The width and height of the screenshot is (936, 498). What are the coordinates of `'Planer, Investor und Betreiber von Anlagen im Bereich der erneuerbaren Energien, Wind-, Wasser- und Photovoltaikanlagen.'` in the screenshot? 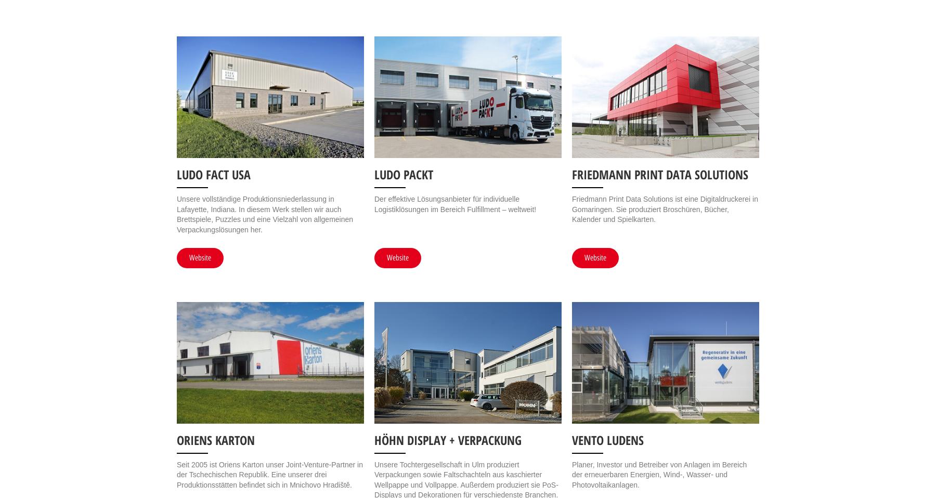 It's located at (659, 474).